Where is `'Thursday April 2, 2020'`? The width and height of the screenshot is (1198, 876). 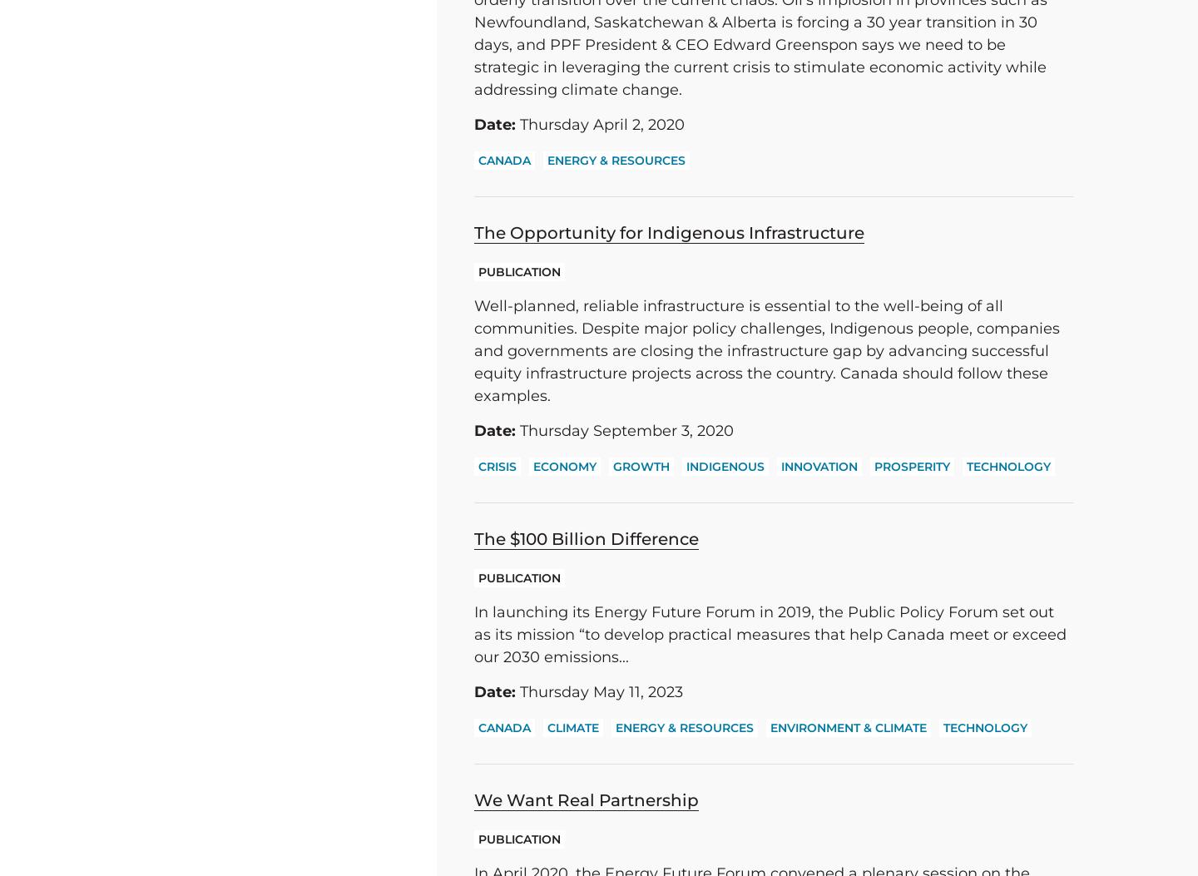
'Thursday April 2, 2020' is located at coordinates (599, 124).